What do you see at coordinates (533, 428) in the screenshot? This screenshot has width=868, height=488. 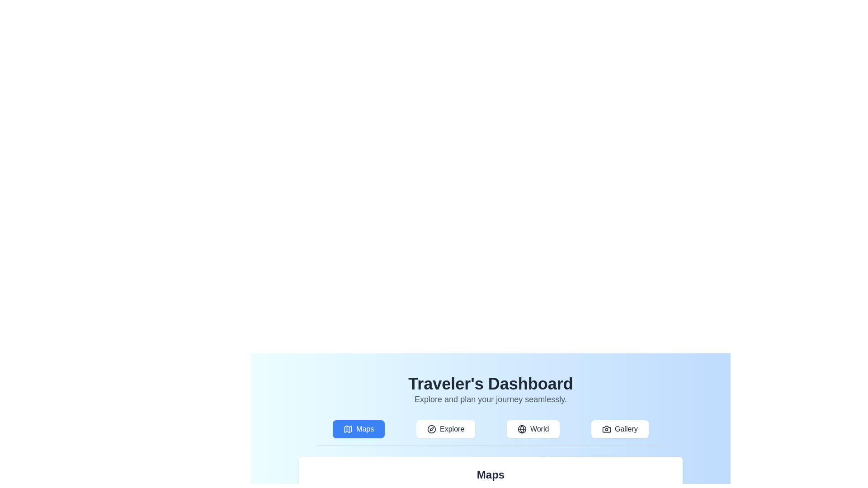 I see `the World tab to navigate to its content` at bounding box center [533, 428].